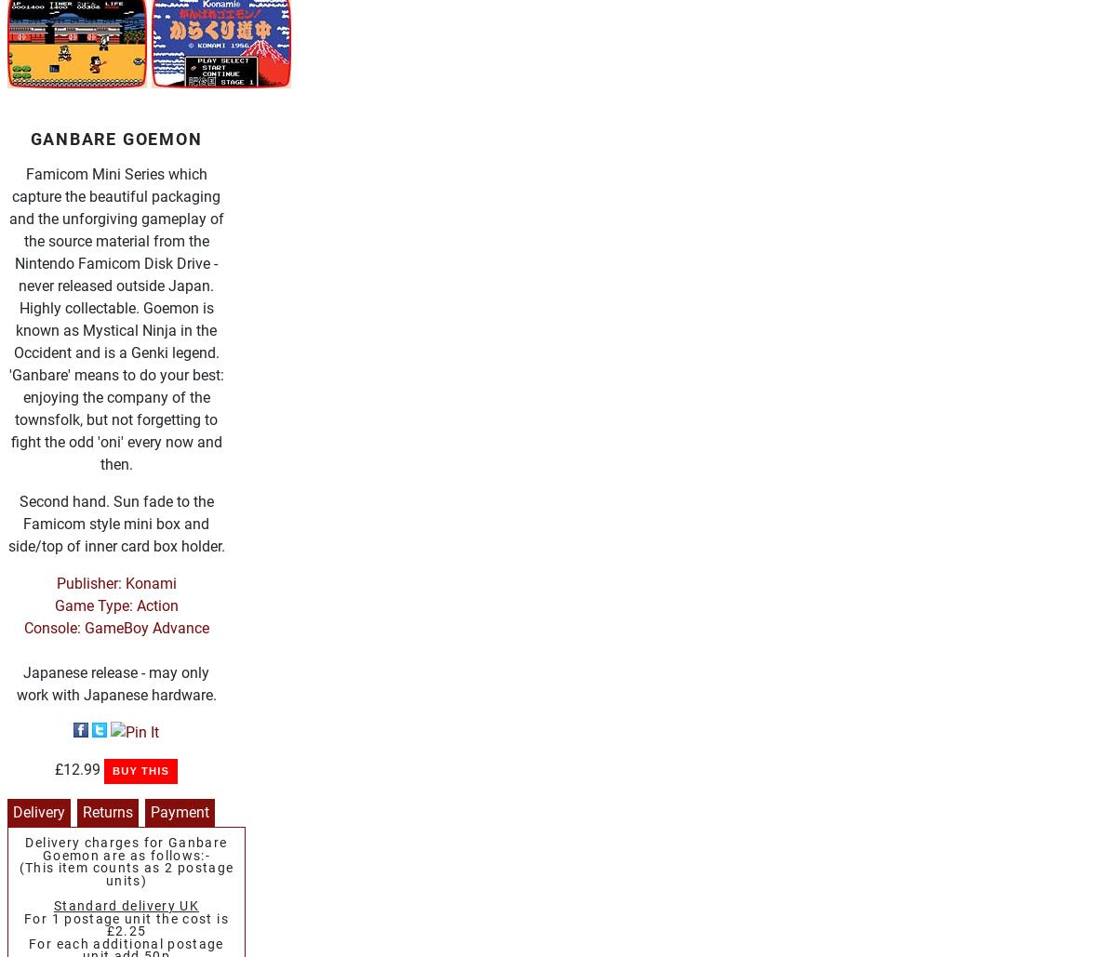  Describe the element at coordinates (134, 332) in the screenshot. I see `'Sega Hardware'` at that location.